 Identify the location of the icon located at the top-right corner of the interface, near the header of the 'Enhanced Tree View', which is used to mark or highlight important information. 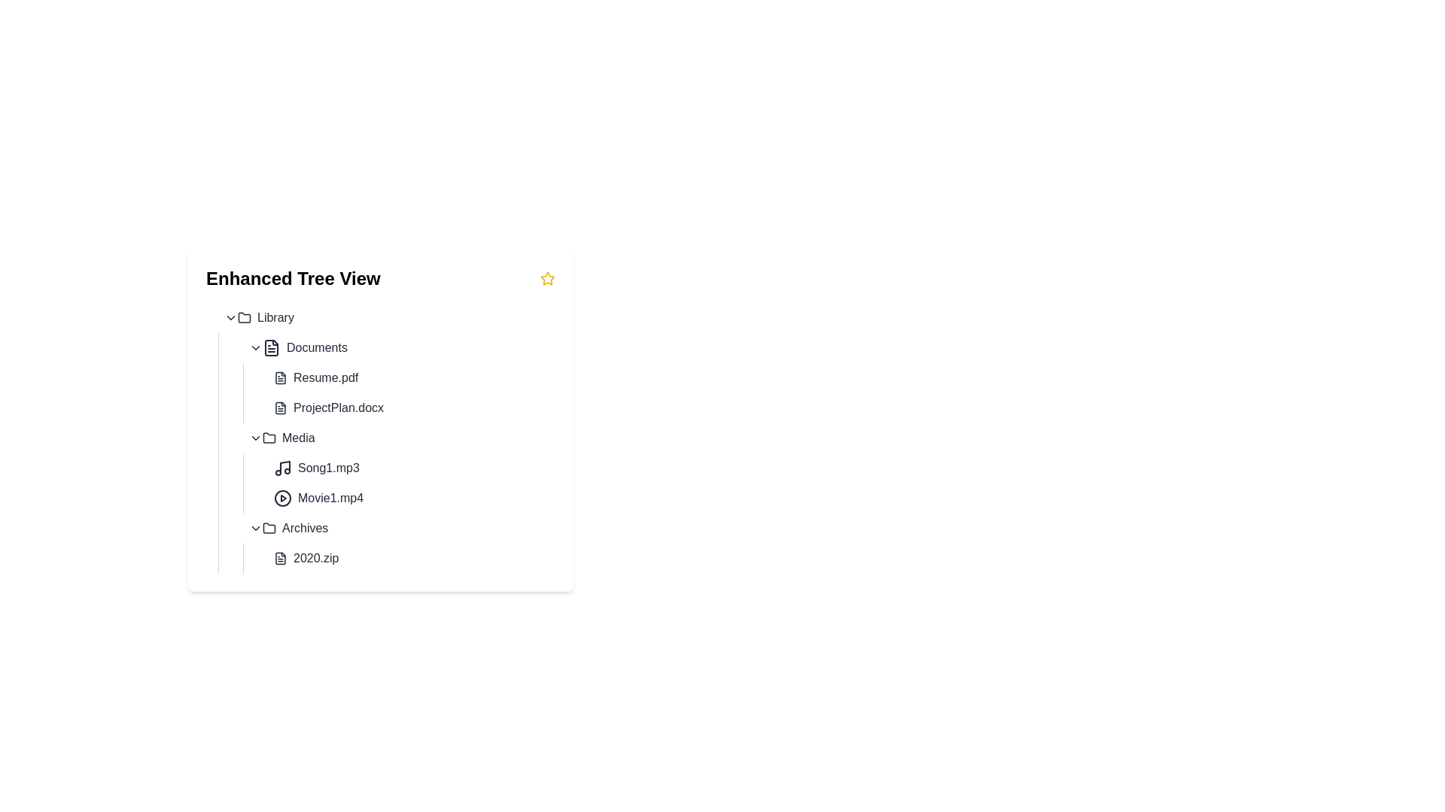
(547, 278).